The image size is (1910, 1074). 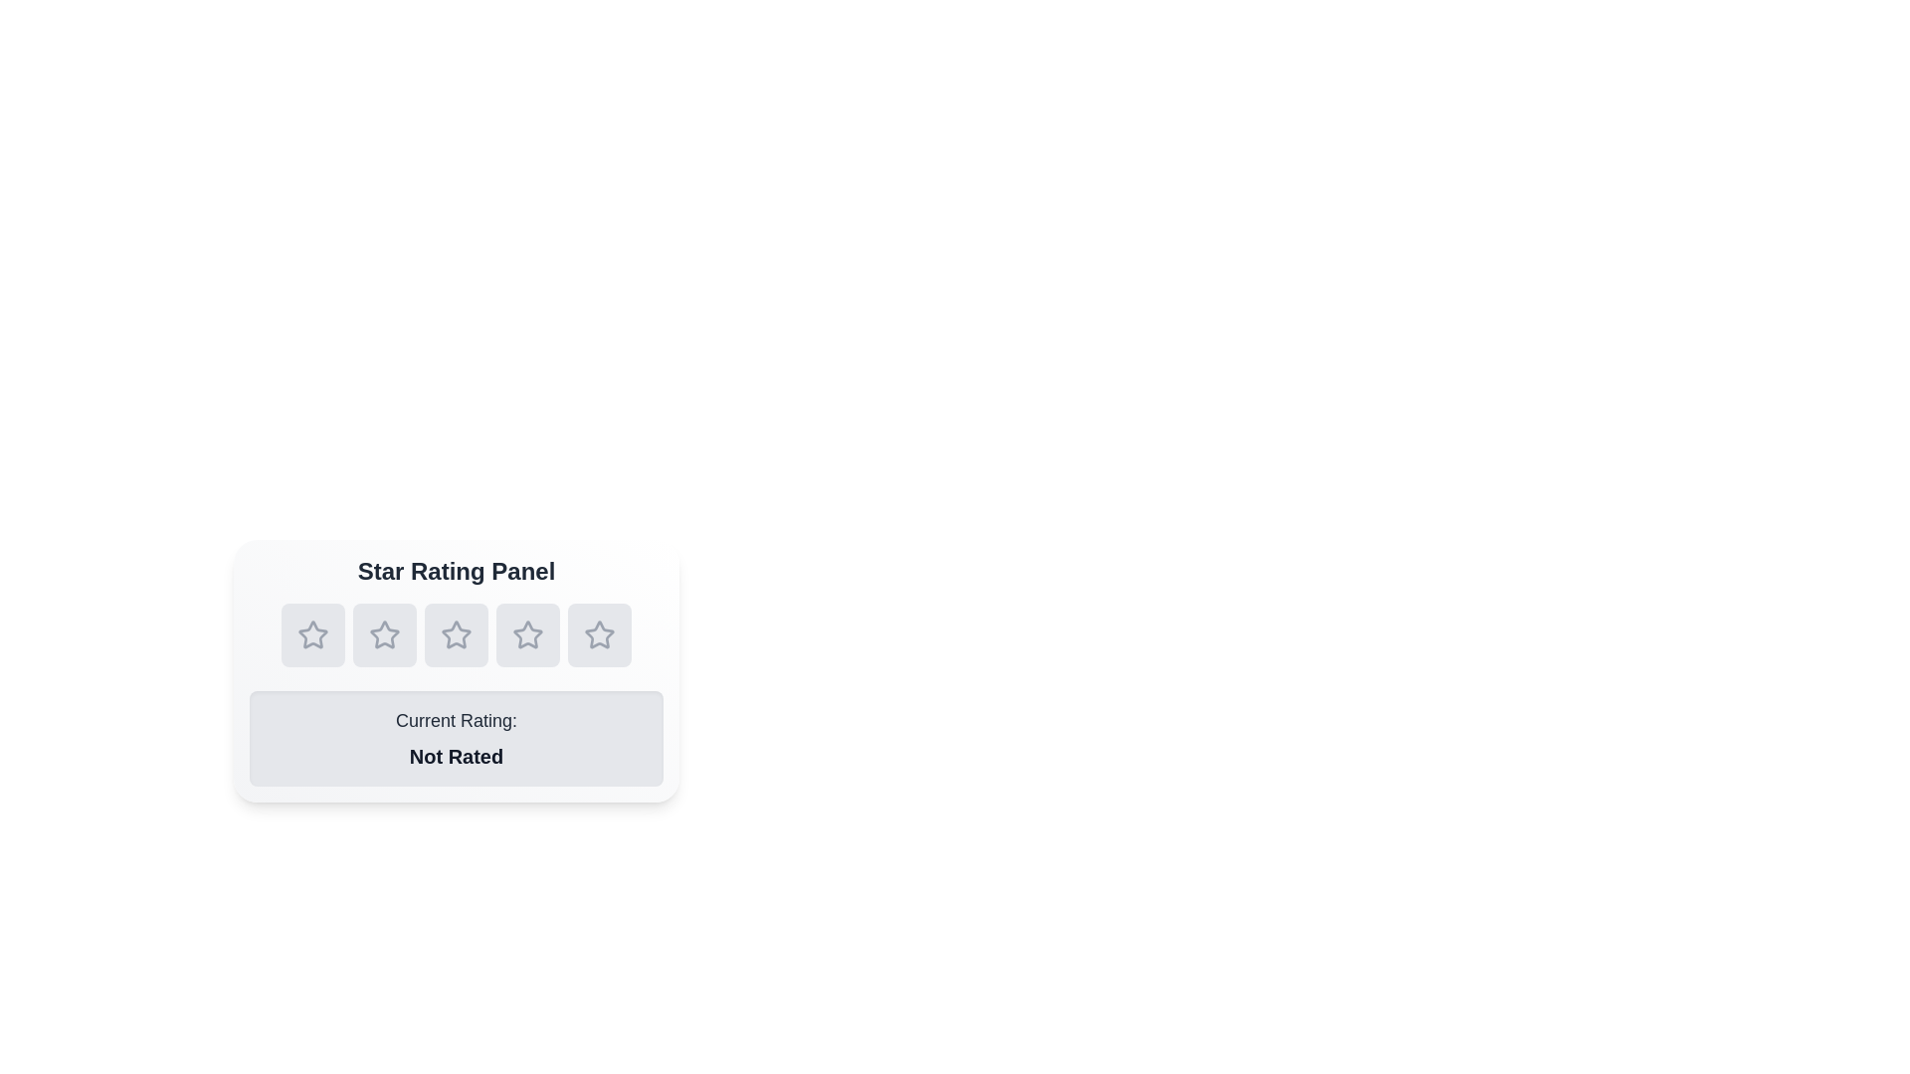 What do you see at coordinates (312, 635) in the screenshot?
I see `the gray star icon in the star rating panel` at bounding box center [312, 635].